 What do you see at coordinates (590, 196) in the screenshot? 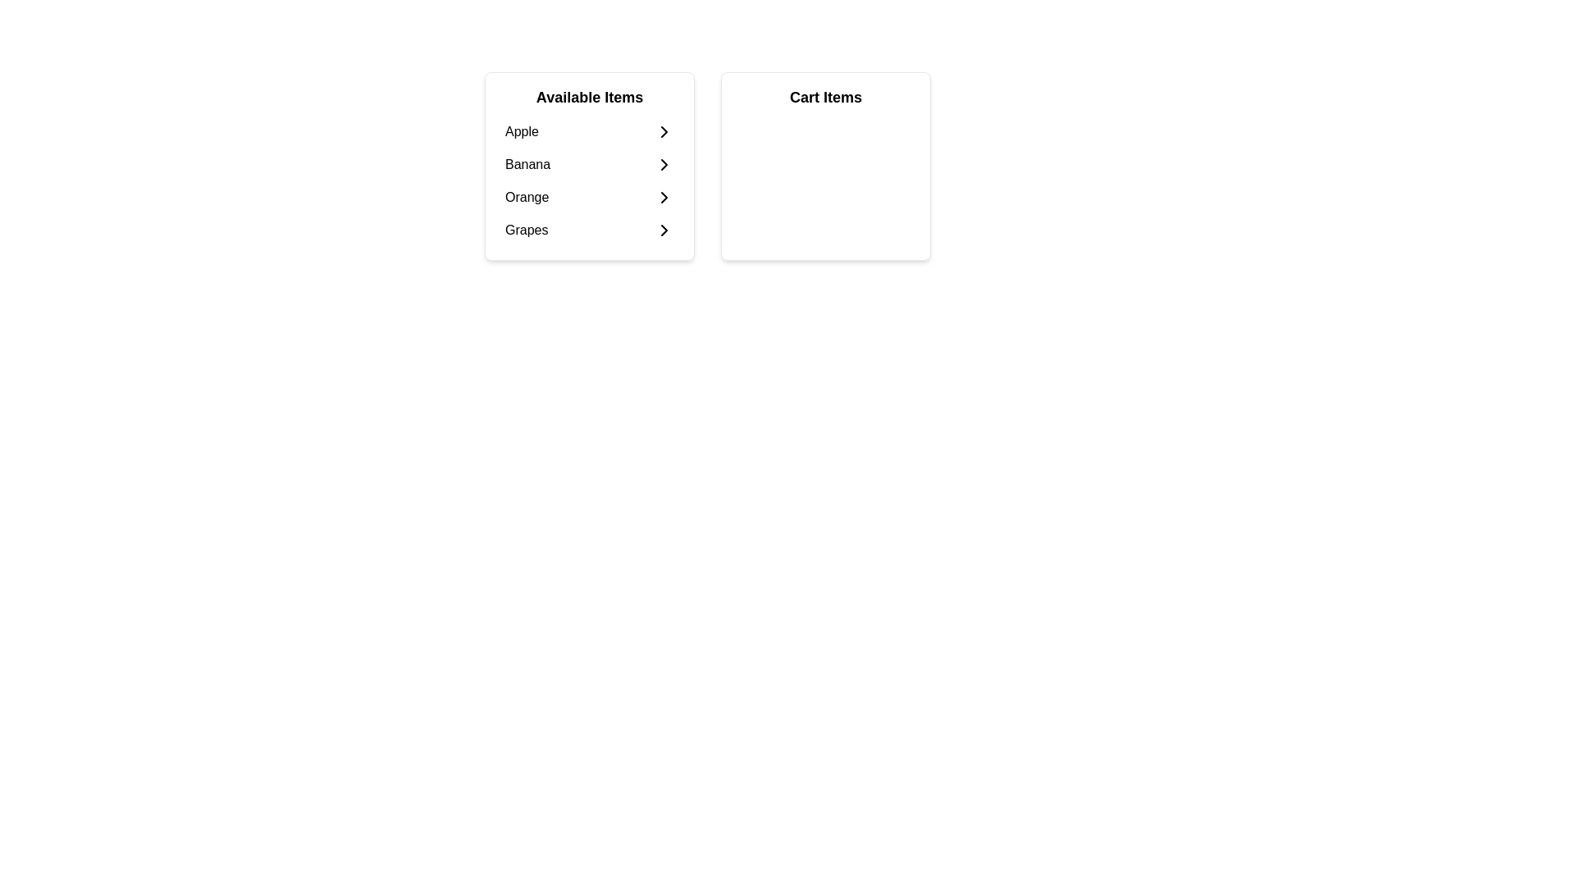
I see `the third selectable list item labeled 'Orange' to trigger visual feedback` at bounding box center [590, 196].